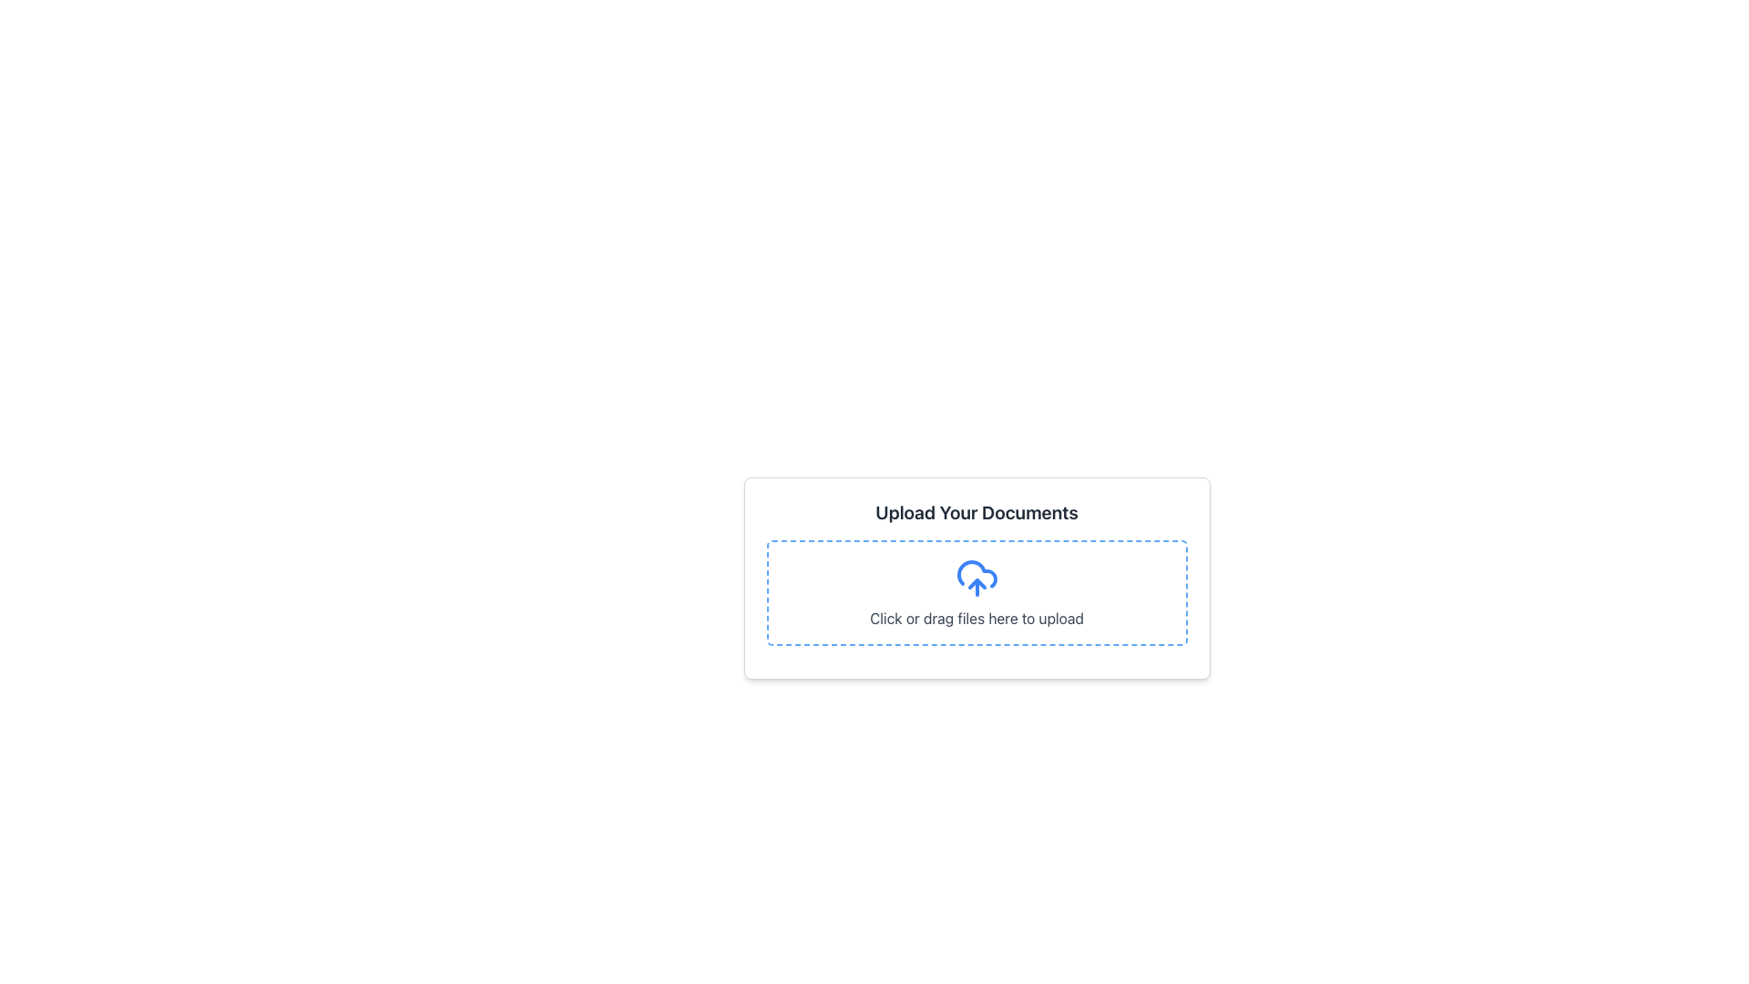  What do you see at coordinates (976, 617) in the screenshot?
I see `instructional text label located below the blue cloud upload icon in the file upload section` at bounding box center [976, 617].